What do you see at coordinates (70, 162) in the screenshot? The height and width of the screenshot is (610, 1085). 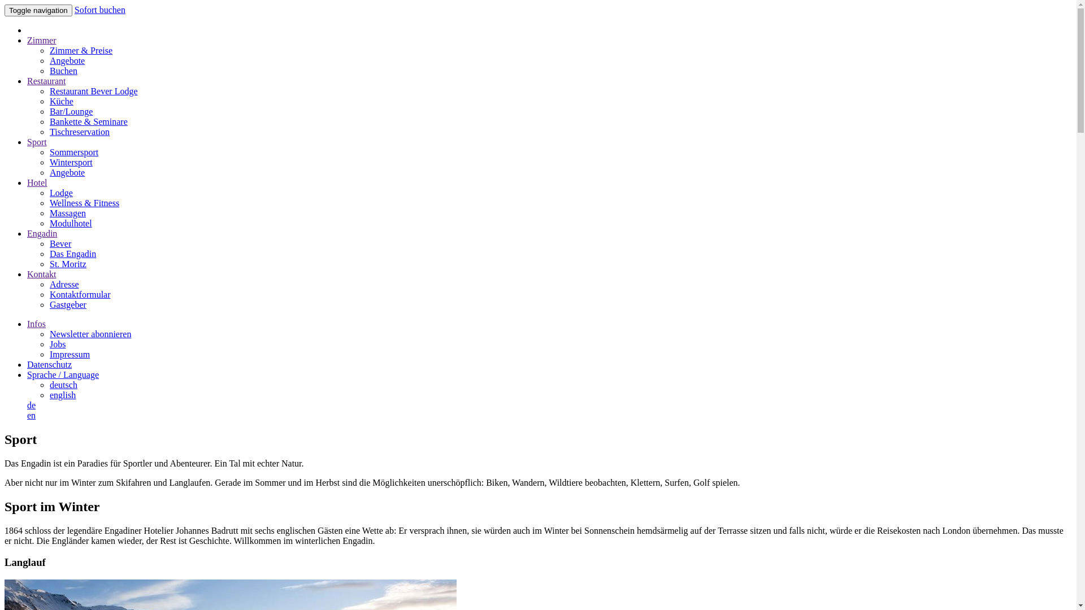 I see `'Wintersport'` at bounding box center [70, 162].